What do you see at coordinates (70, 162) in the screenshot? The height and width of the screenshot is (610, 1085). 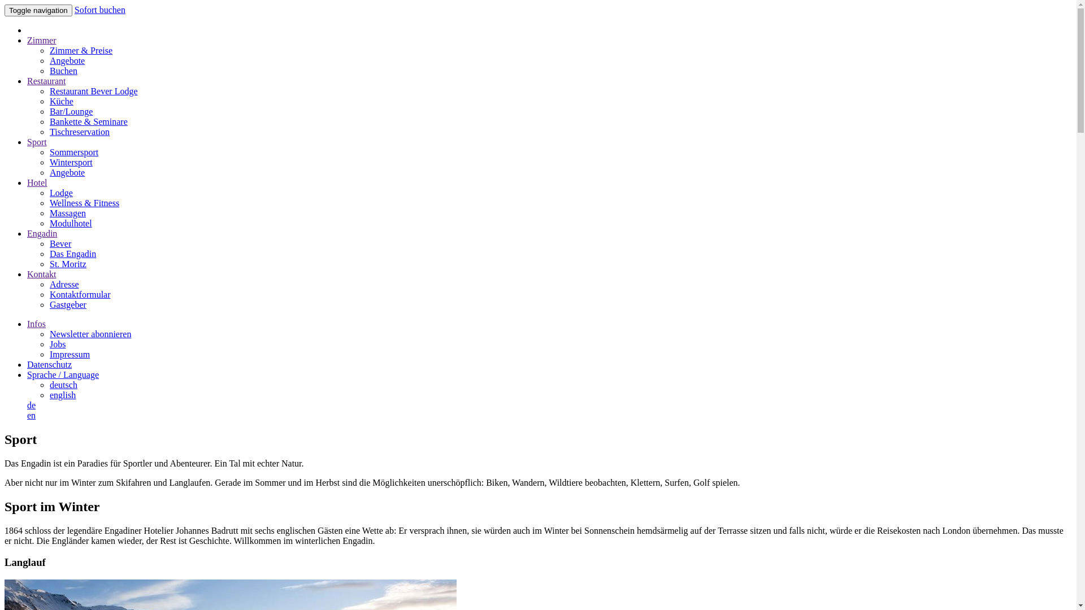 I see `'Wintersport'` at bounding box center [70, 162].